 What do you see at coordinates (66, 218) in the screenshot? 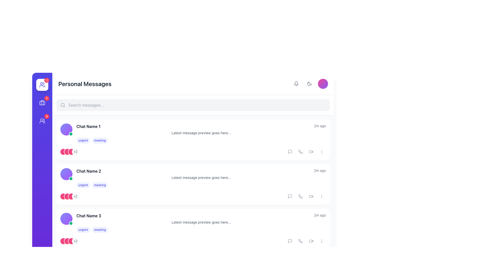
I see `the Avatar with the green status indicator representing the user in the third chat card, which is located at the top-left corner of the chat card aligned with 'Chat Name 3'` at bounding box center [66, 218].